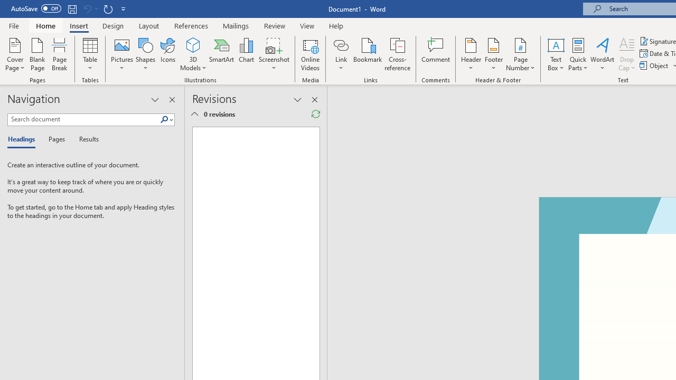 The image size is (676, 380). I want to click on 'Bookmark...', so click(368, 54).